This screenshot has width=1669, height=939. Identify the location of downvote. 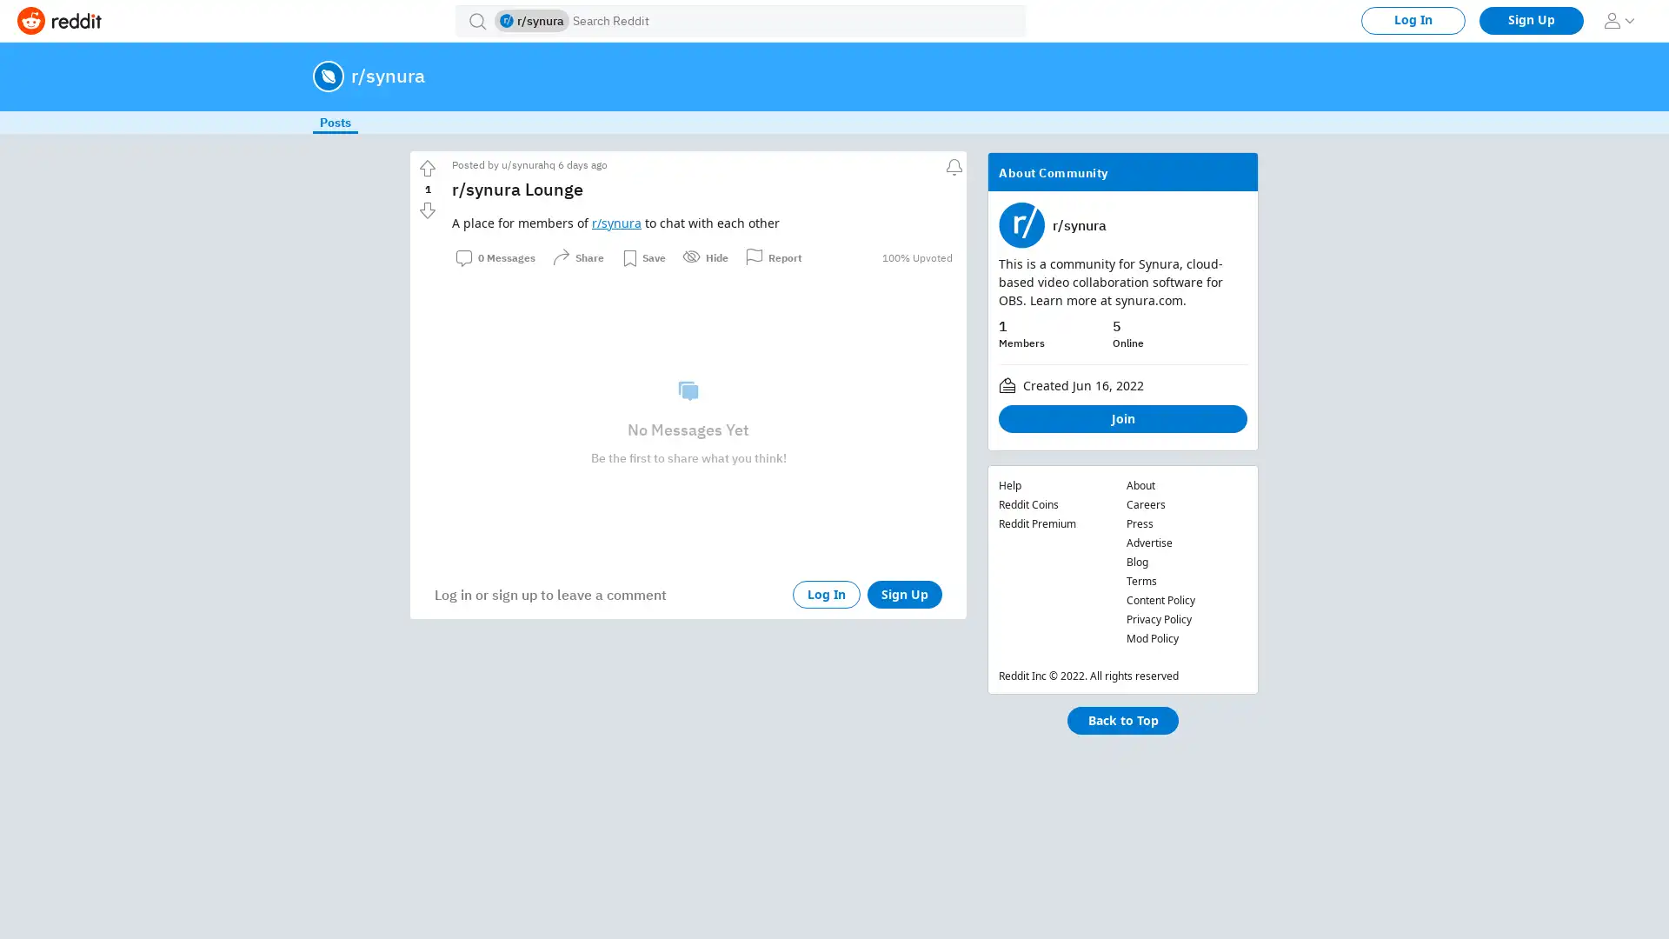
(427, 210).